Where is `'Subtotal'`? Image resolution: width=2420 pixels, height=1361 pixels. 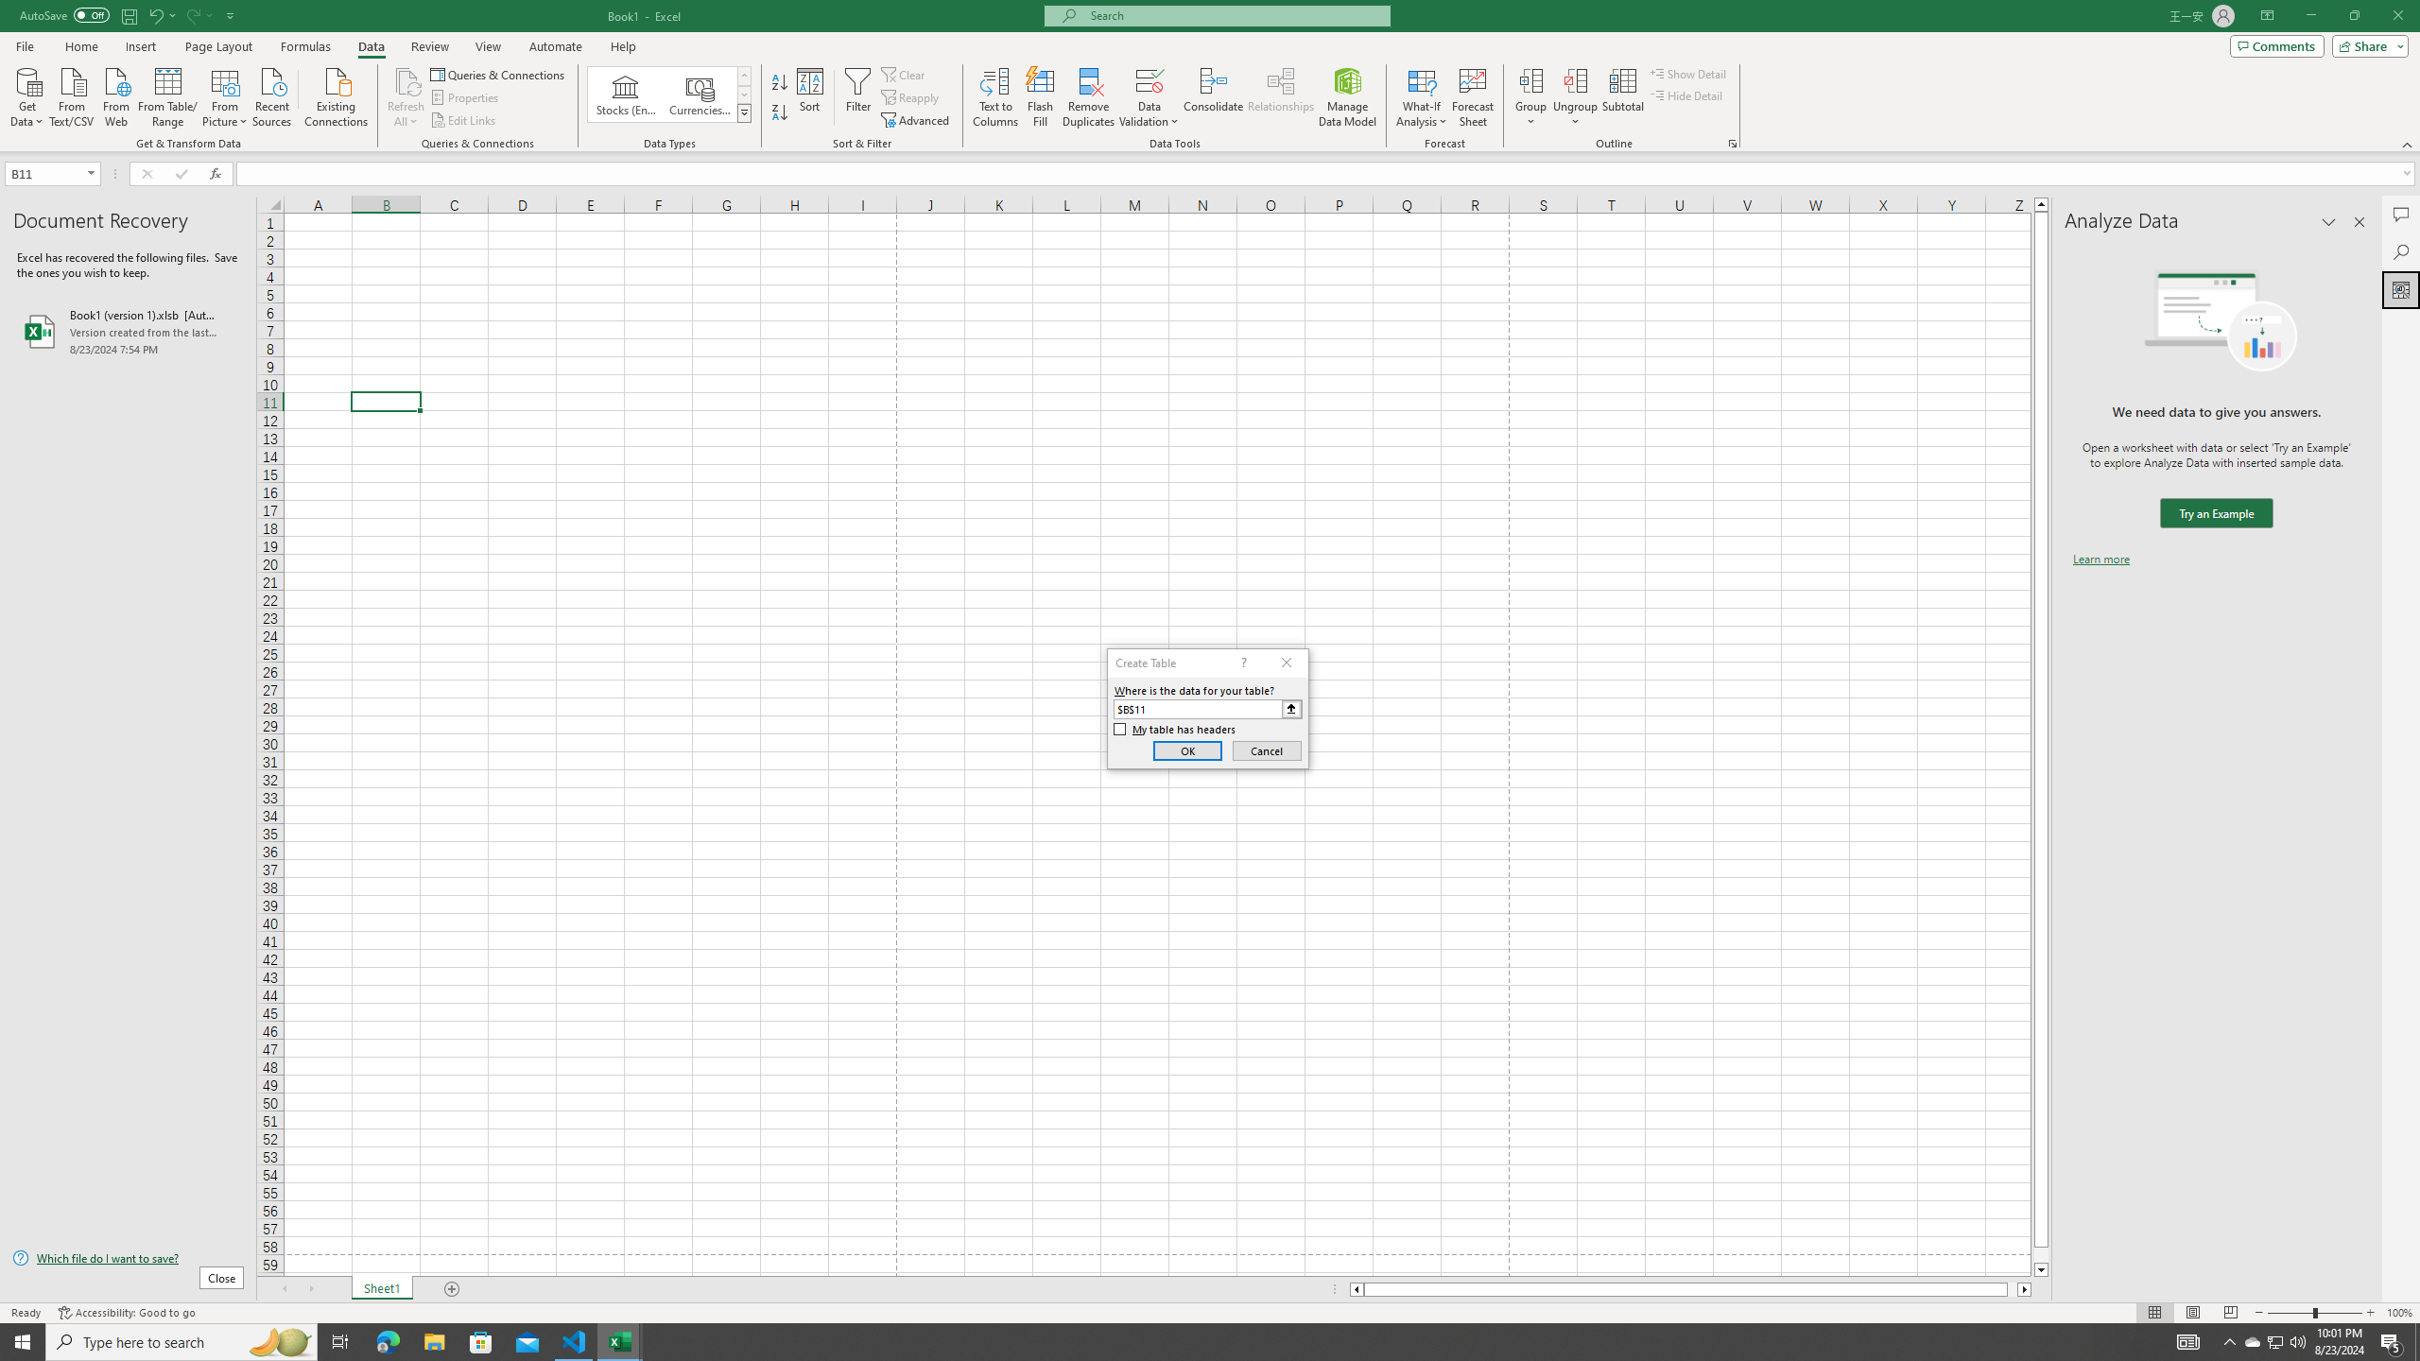 'Subtotal' is located at coordinates (1622, 97).